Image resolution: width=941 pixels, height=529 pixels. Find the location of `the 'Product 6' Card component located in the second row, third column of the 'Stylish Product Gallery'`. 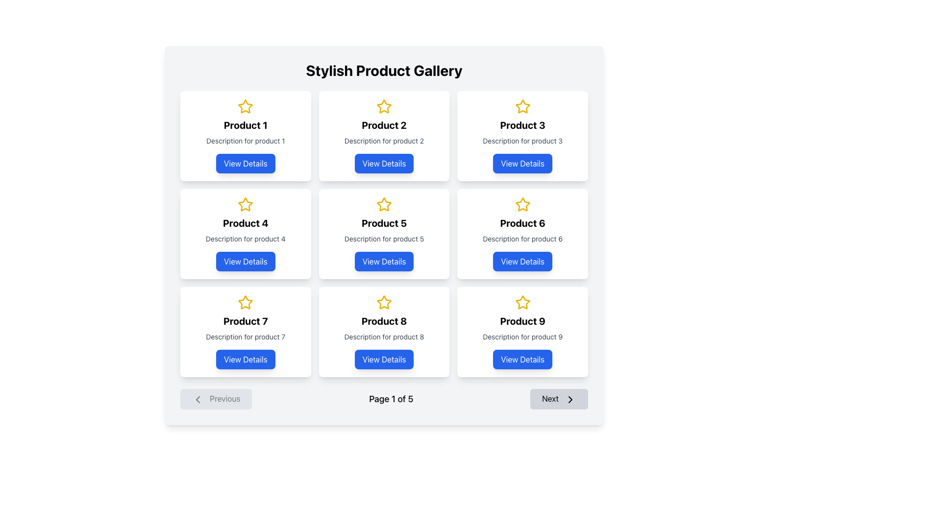

the 'Product 6' Card component located in the second row, third column of the 'Stylish Product Gallery' is located at coordinates (522, 234).